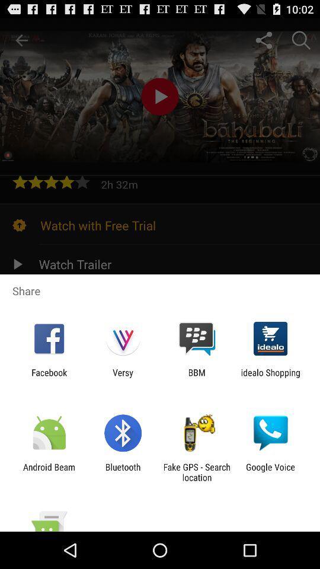 The image size is (320, 569). Describe the element at coordinates (122, 377) in the screenshot. I see `the icon to the right of the facebook icon` at that location.